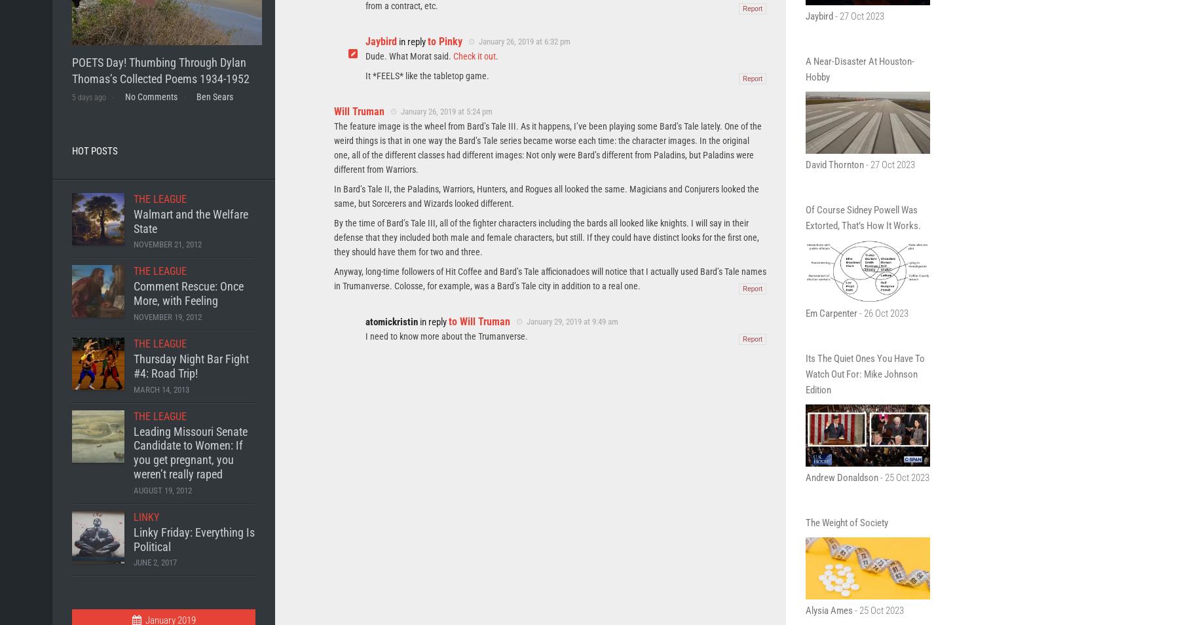  What do you see at coordinates (546, 236) in the screenshot?
I see `'By the time of Bard’s Tale III, all of the fighter characters including the bards all looked like knights. I will say in their defense that they included both male and female characters, but still. If they could have distinct looks for the first one, they should have them for two and three.'` at bounding box center [546, 236].